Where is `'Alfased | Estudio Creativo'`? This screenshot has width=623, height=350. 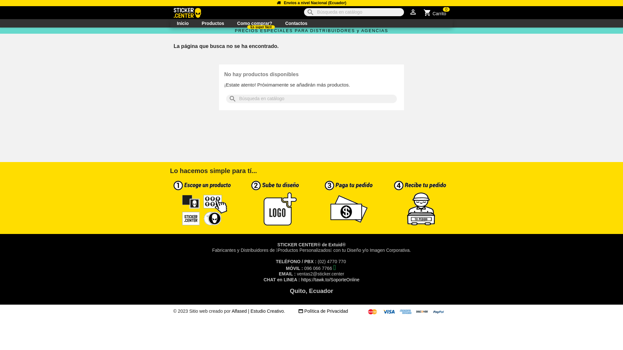
'Alfased | Estudio Creativo' is located at coordinates (257, 311).